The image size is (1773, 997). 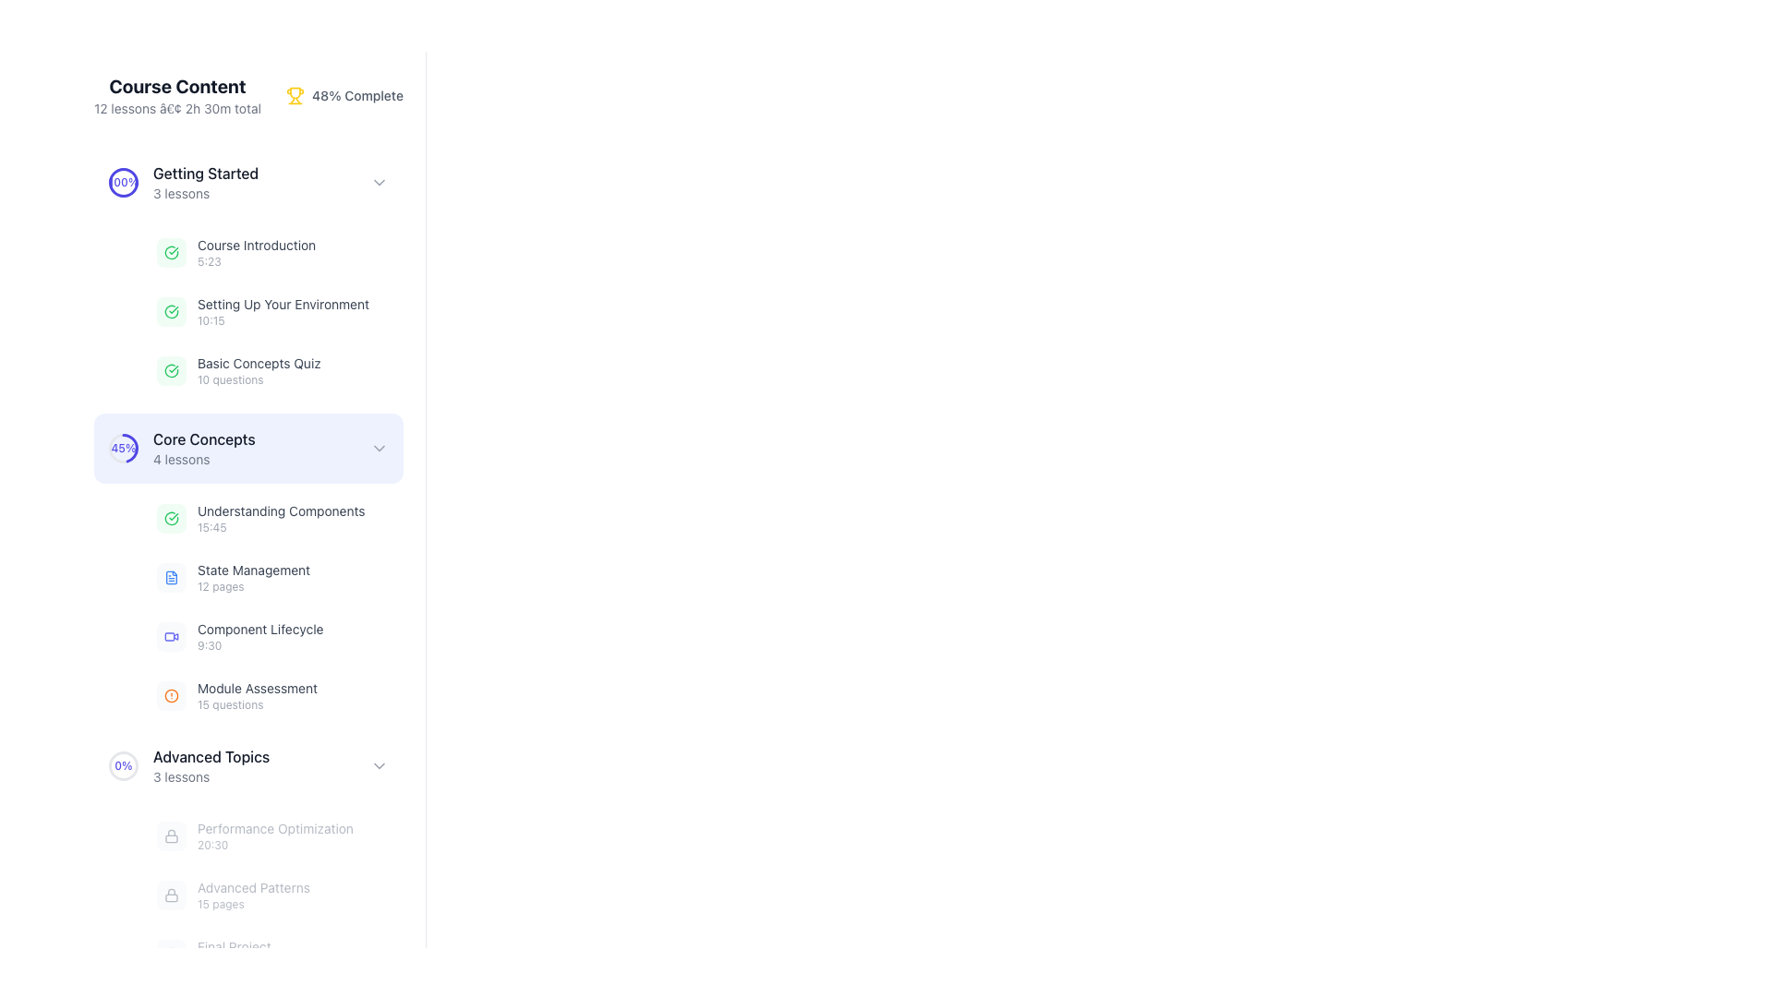 What do you see at coordinates (172, 519) in the screenshot?
I see `the green circular icon with a checkmark inside, indicating a successful status for the lesson 'Understanding Components' in the 'Core Concepts' section` at bounding box center [172, 519].